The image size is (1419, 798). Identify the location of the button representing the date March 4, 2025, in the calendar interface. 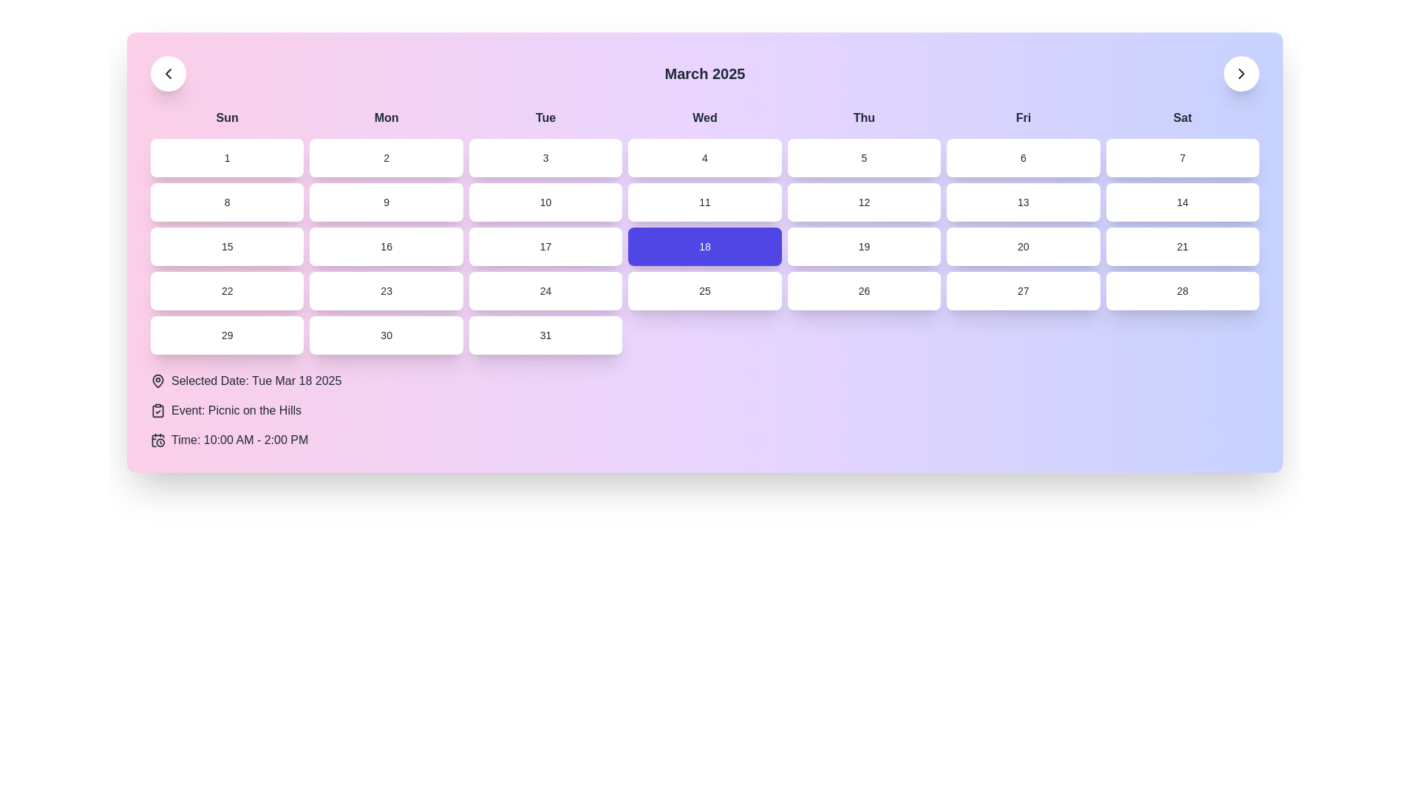
(704, 157).